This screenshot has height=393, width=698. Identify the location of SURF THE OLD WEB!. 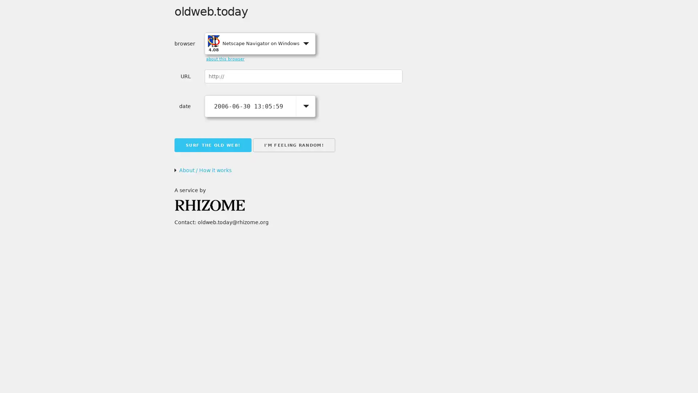
(212, 145).